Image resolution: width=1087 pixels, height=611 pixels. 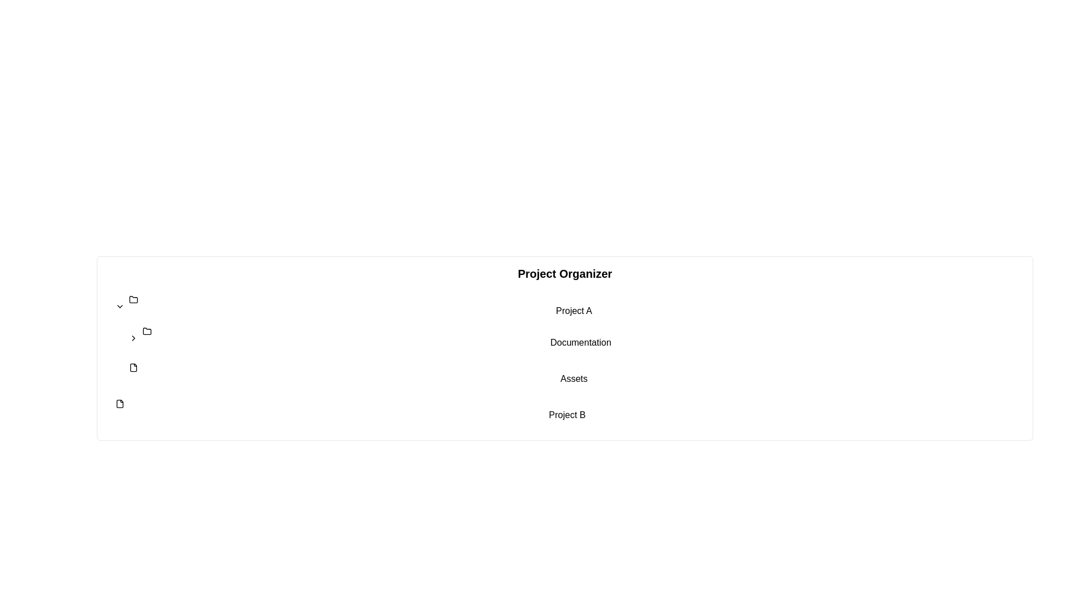 I want to click on the 'Assets' text label within the 'Documentation Assets' section, so click(x=574, y=375).